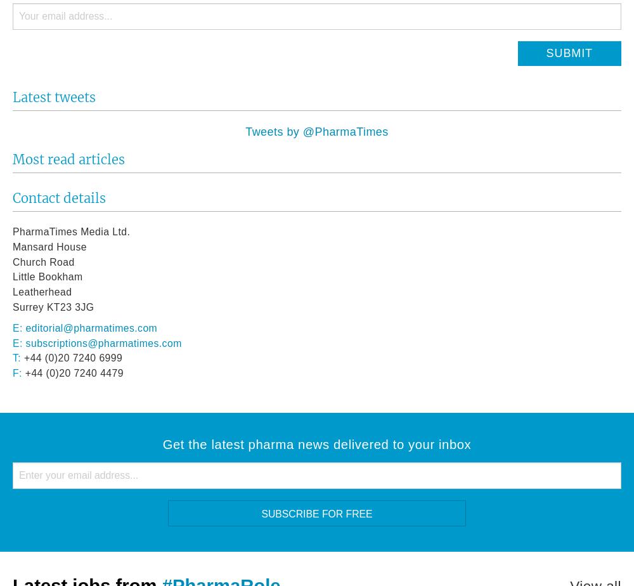 The height and width of the screenshot is (586, 634). Describe the element at coordinates (41, 291) in the screenshot. I see `'Leatherhead'` at that location.